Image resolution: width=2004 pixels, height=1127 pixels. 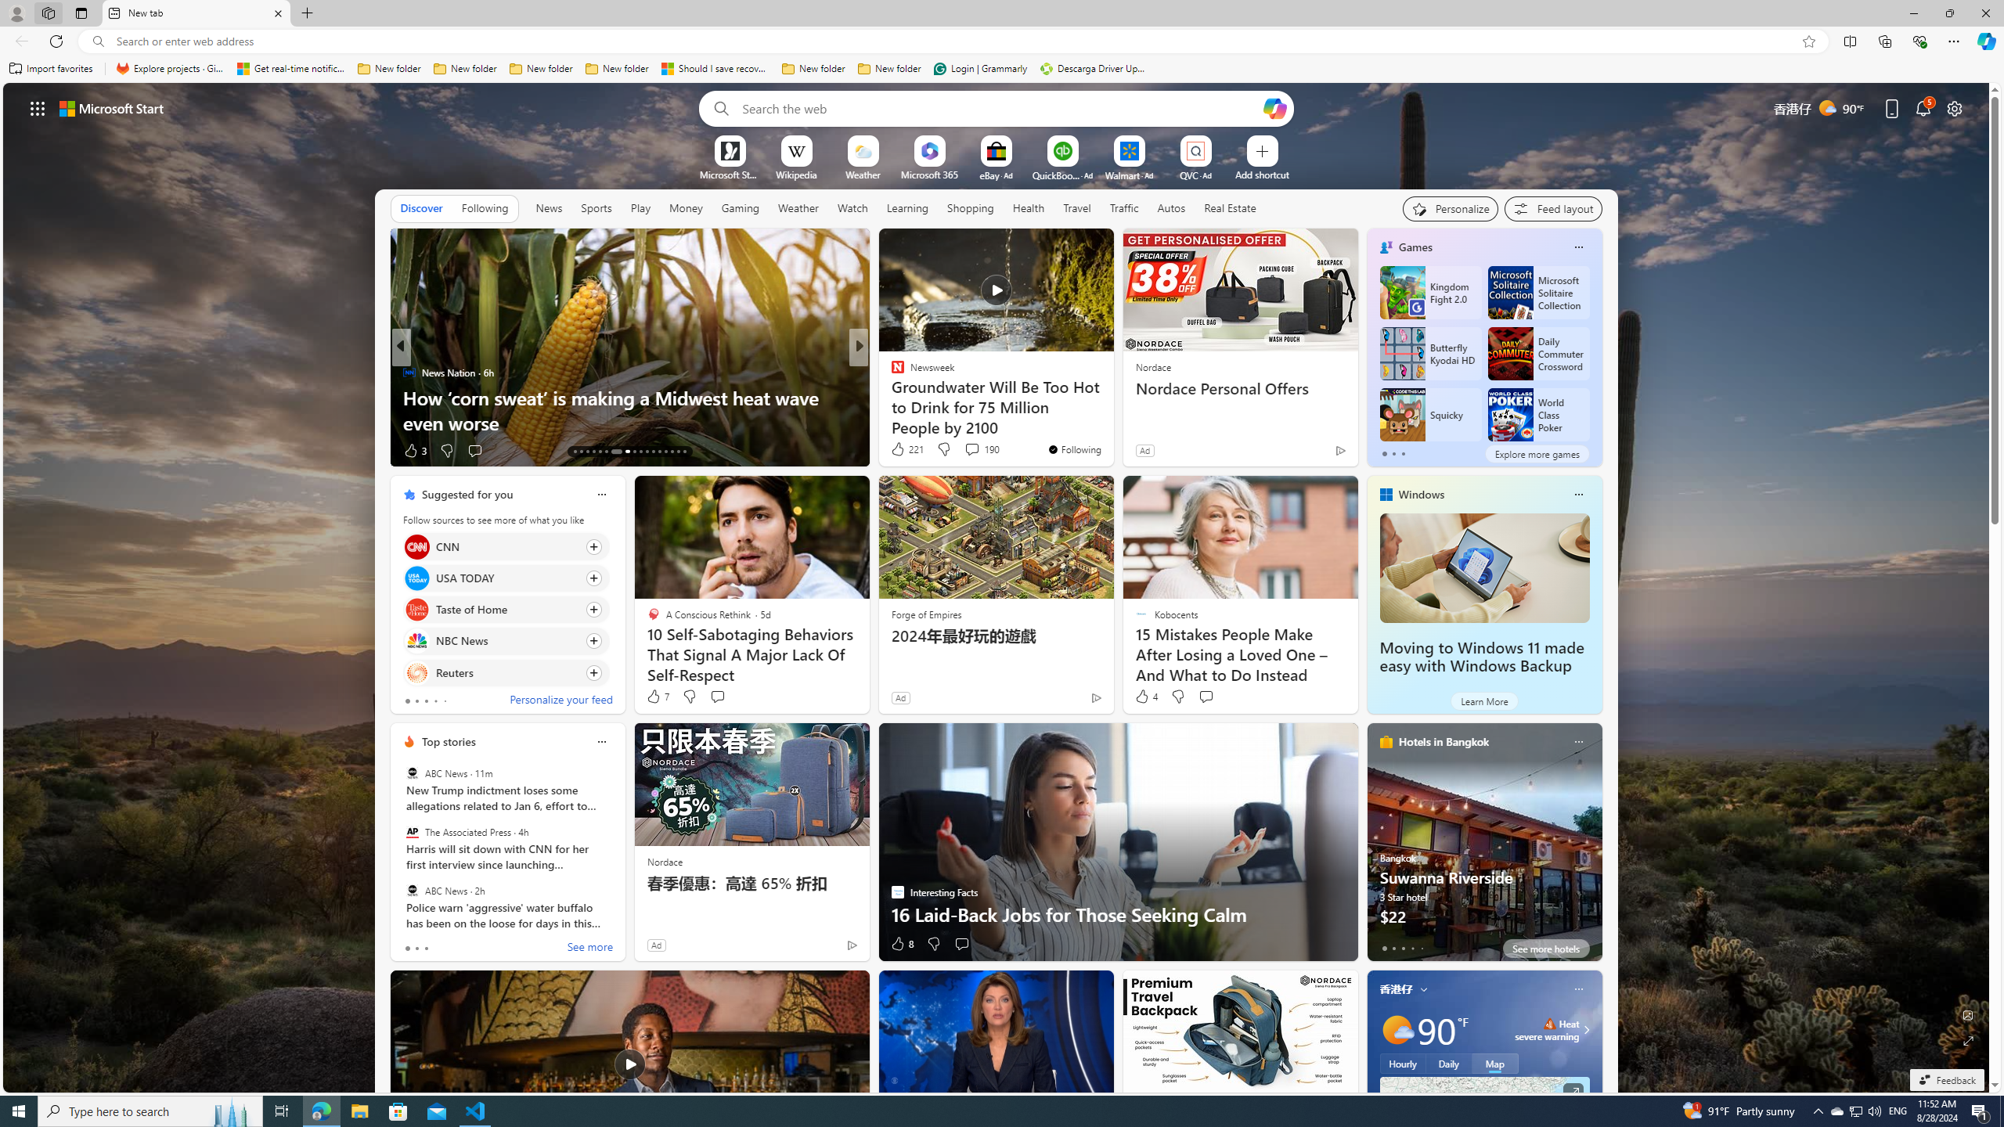 I want to click on 'View comments 1 Comment', so click(x=961, y=449).